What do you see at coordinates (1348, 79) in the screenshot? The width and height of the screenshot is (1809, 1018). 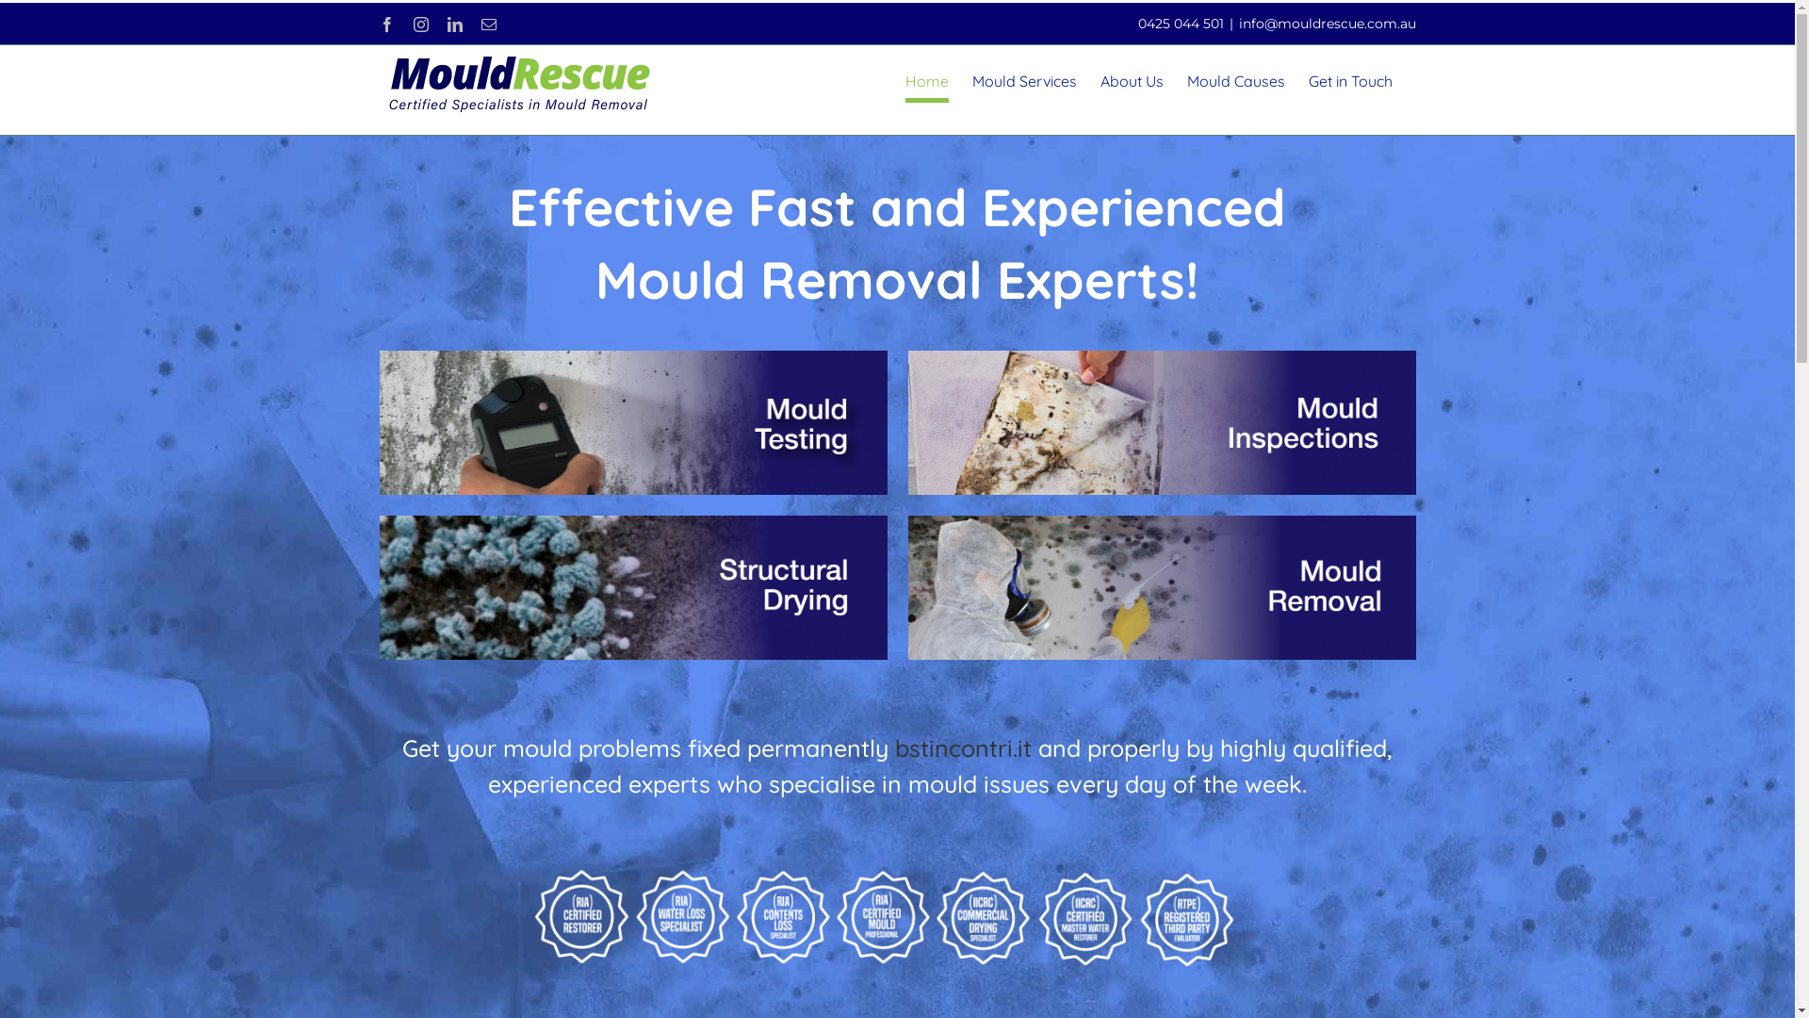 I see `'Get in Touch'` at bounding box center [1348, 79].